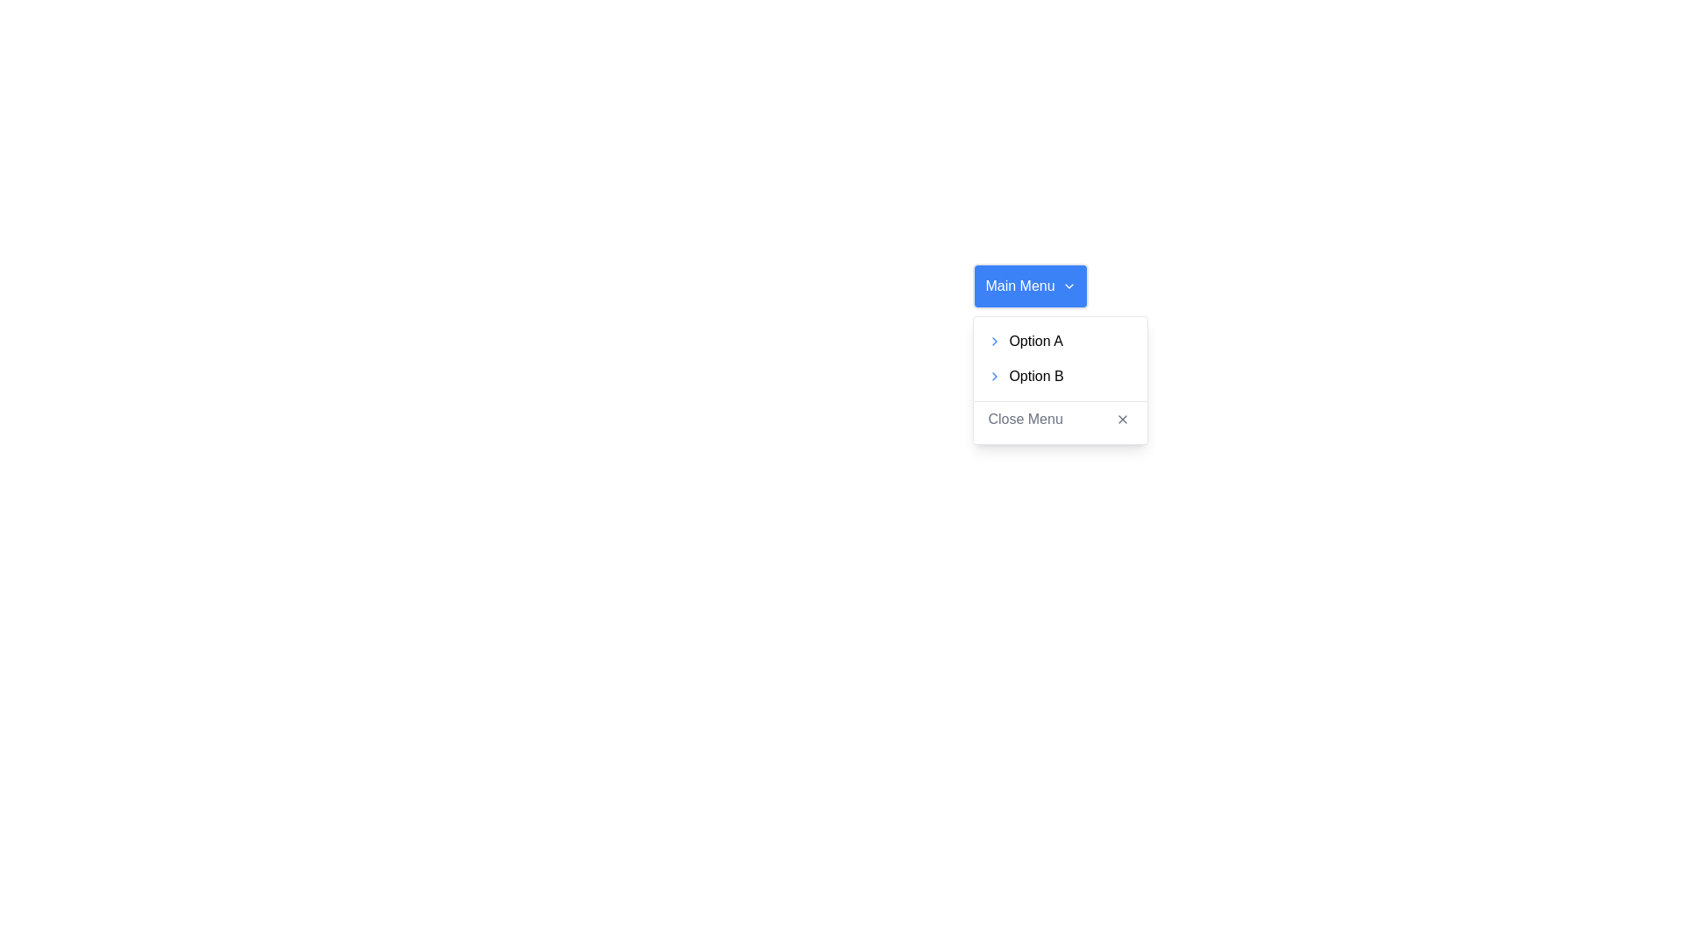 The height and width of the screenshot is (946, 1683). I want to click on the second option in the dropdown menu, which is a Text Label with Icon, so click(1060, 379).